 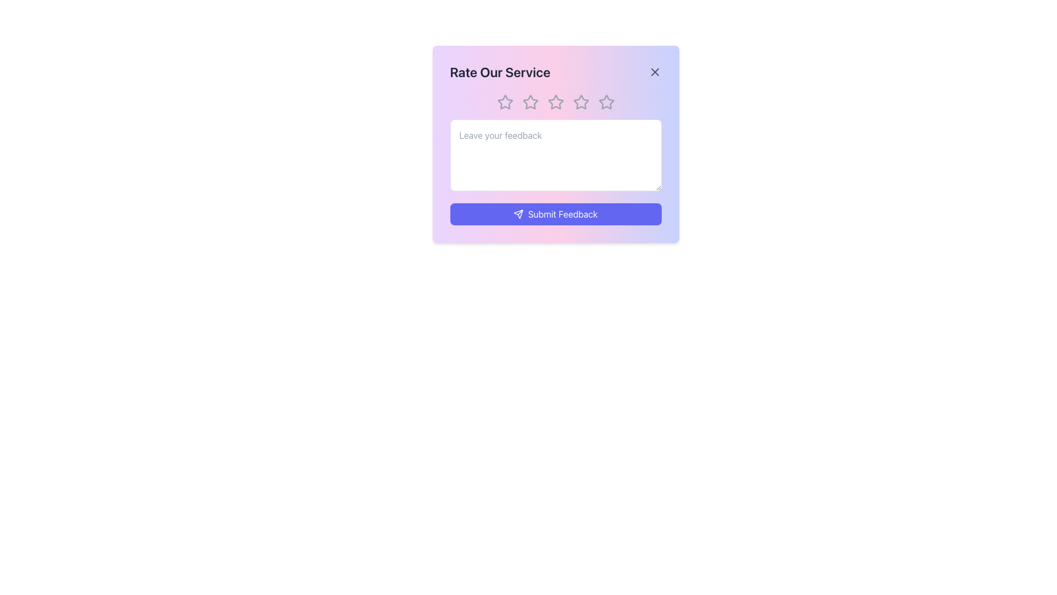 I want to click on the close button located at the top-right corner of the 'Rate Our Service' feedback form, so click(x=655, y=72).